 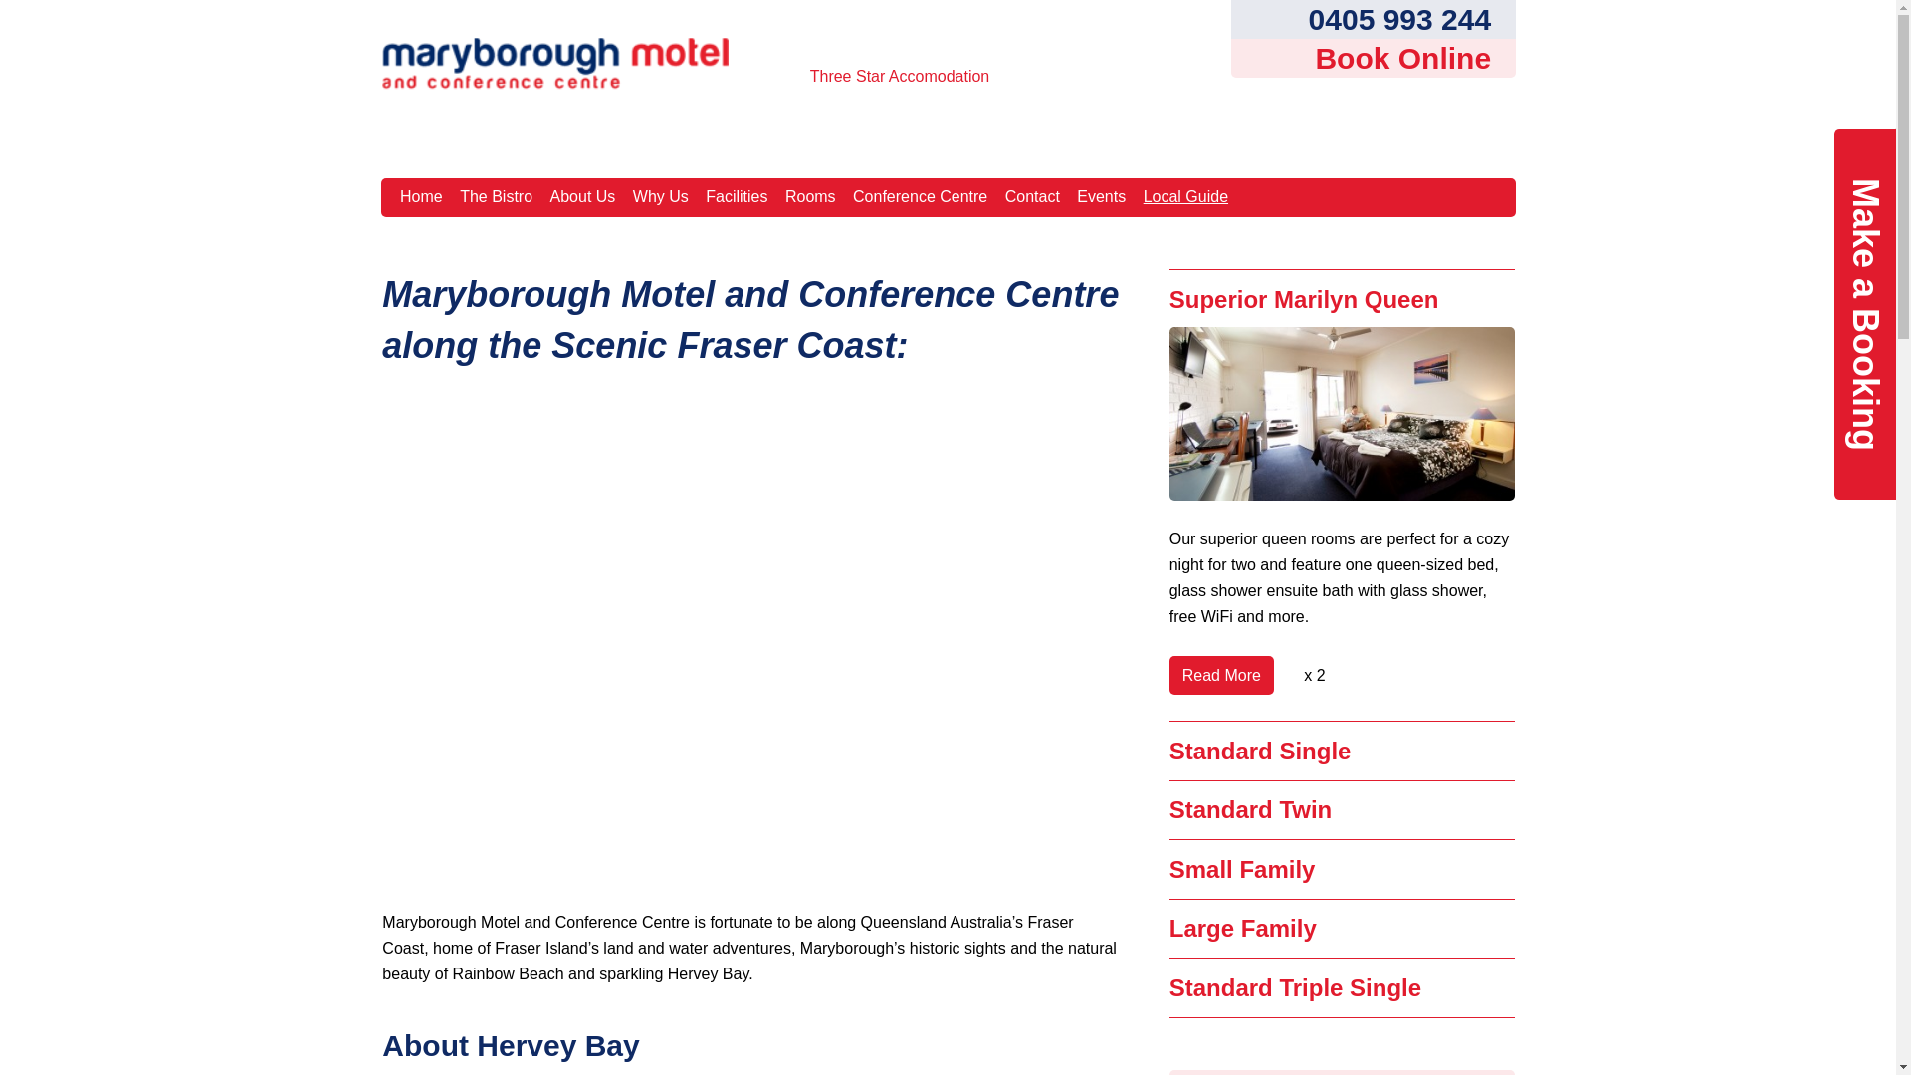 I want to click on 'Small Family', so click(x=1241, y=868).